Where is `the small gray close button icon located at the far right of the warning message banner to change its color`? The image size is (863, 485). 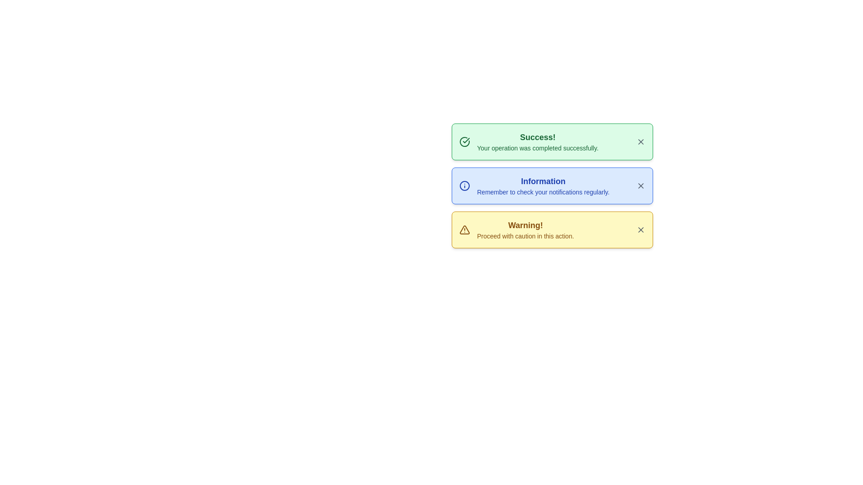 the small gray close button icon located at the far right of the warning message banner to change its color is located at coordinates (640, 229).